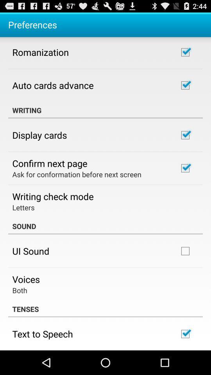 Image resolution: width=211 pixels, height=375 pixels. What do you see at coordinates (23, 207) in the screenshot?
I see `the letters icon` at bounding box center [23, 207].